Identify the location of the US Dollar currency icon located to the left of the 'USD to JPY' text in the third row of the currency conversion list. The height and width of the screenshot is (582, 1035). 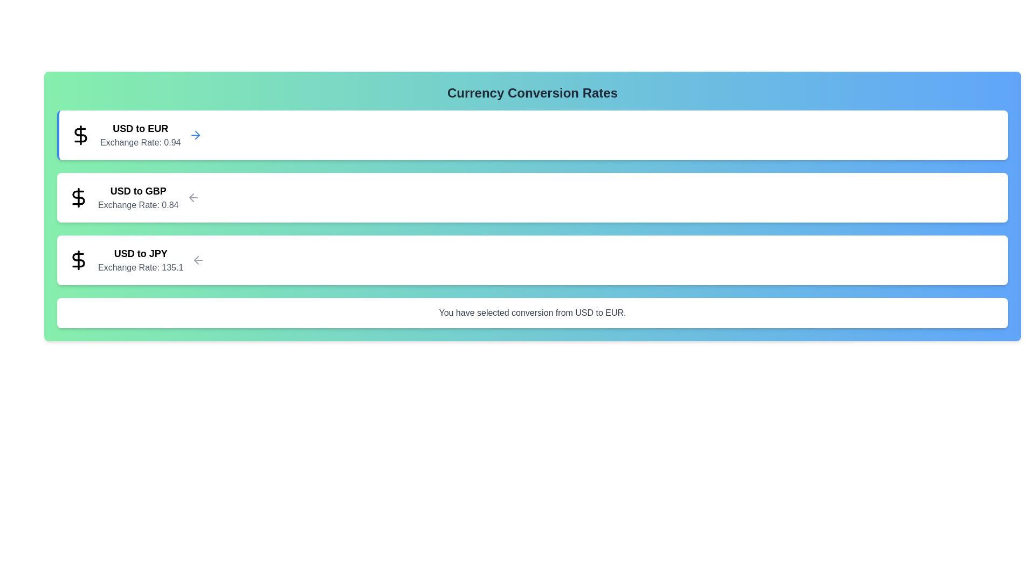
(78, 260).